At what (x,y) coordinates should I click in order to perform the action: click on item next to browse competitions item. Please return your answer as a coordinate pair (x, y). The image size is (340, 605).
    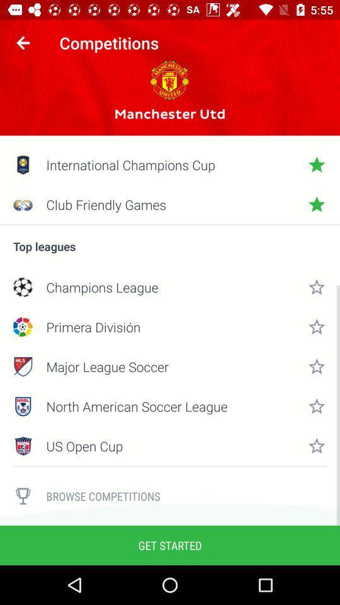
    Looking at the image, I should click on (23, 496).